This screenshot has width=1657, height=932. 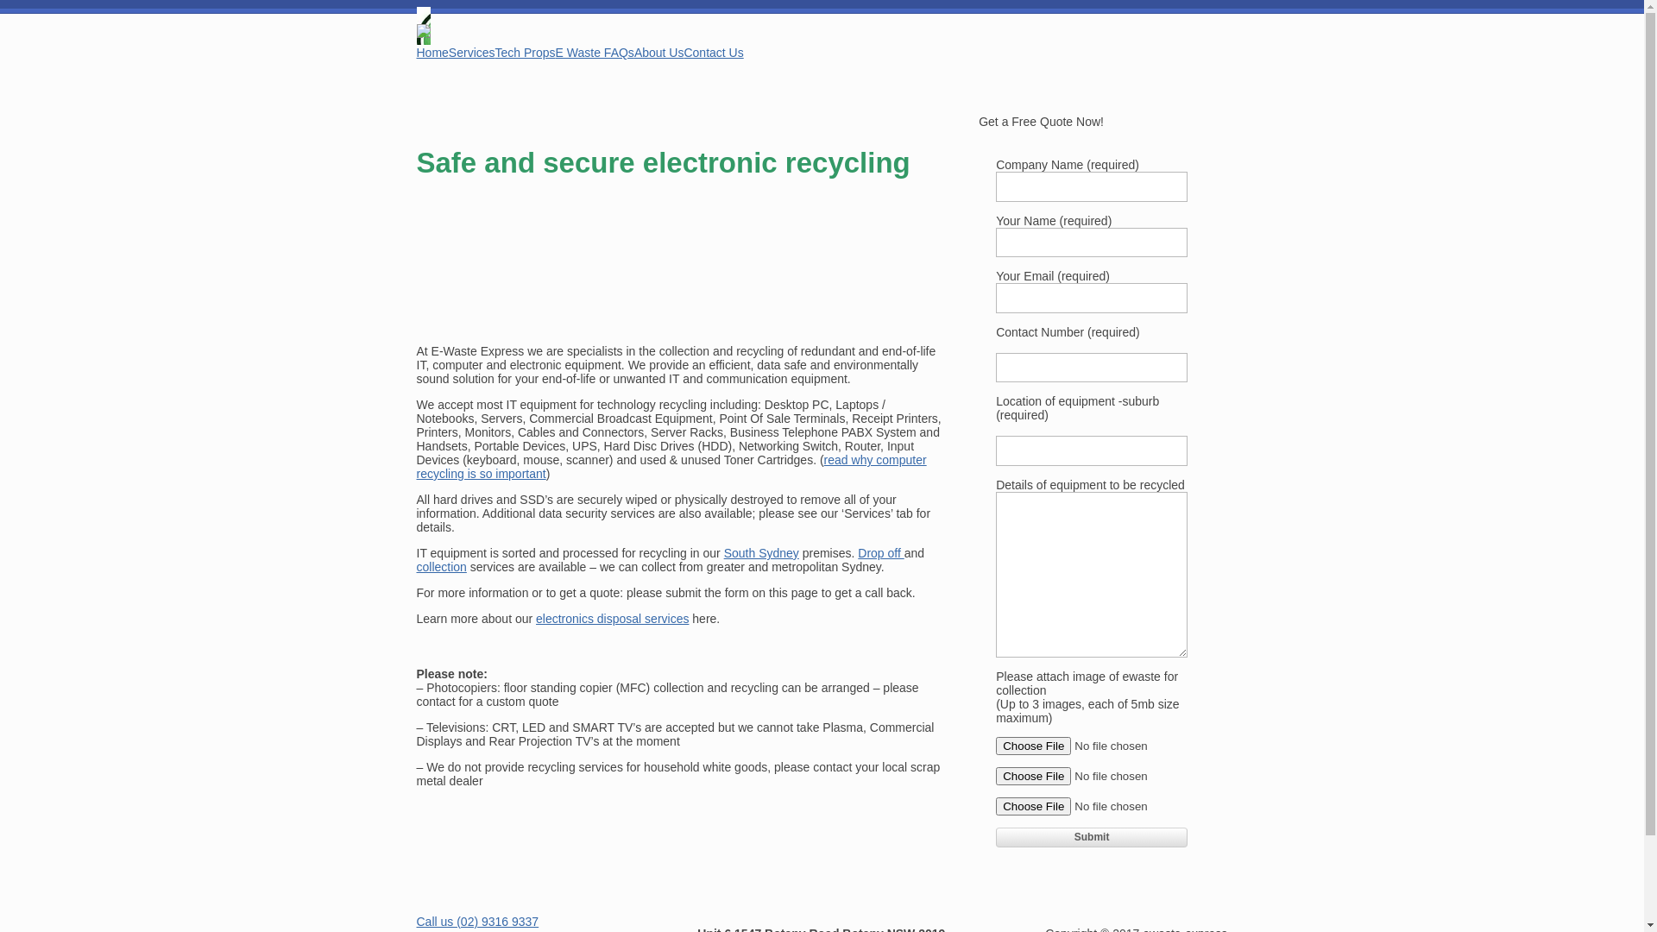 What do you see at coordinates (1091, 835) in the screenshot?
I see `'Submit'` at bounding box center [1091, 835].